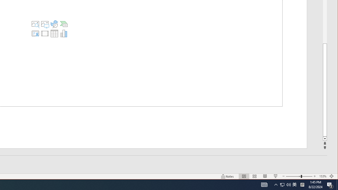 The image size is (338, 190). Describe the element at coordinates (322, 176) in the screenshot. I see `'Zoom 153%'` at that location.